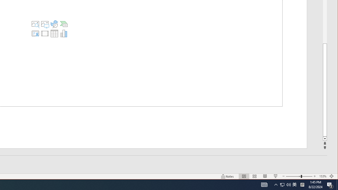 The image size is (338, 190). Describe the element at coordinates (322, 176) in the screenshot. I see `'Zoom 153%'` at that location.